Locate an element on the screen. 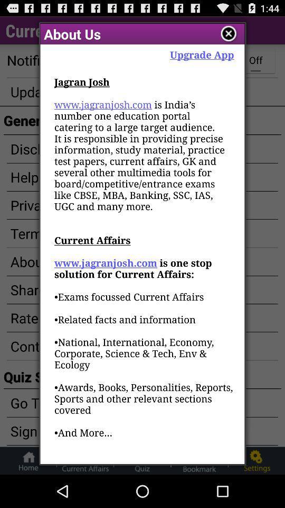  the page is located at coordinates (228, 34).